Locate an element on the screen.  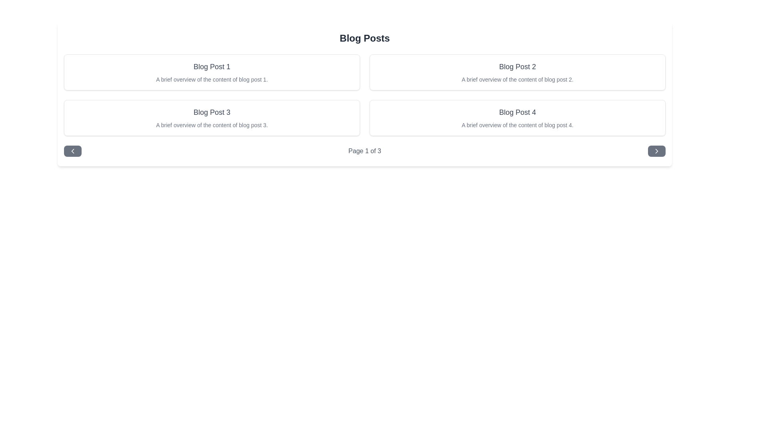
the right chevron icon within the navigation control at the bottom of the interface is located at coordinates (656, 151).